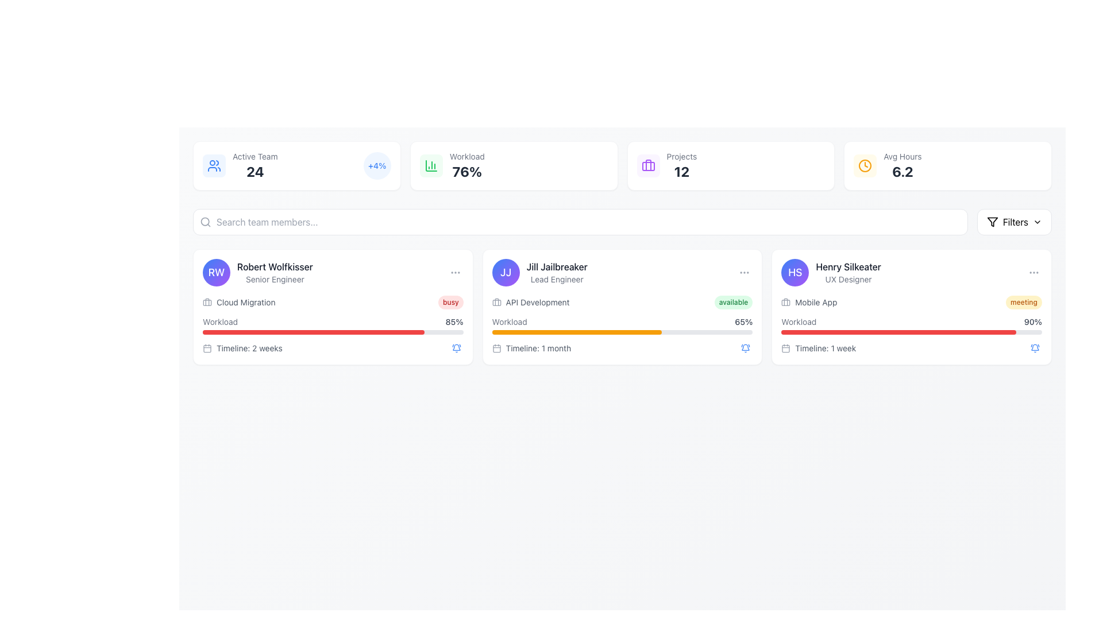  I want to click on information displayed in the composite text component showing 'Active Team' and the value '24', located in the top-left corner of the interface next to a blue user group icon, so click(254, 166).